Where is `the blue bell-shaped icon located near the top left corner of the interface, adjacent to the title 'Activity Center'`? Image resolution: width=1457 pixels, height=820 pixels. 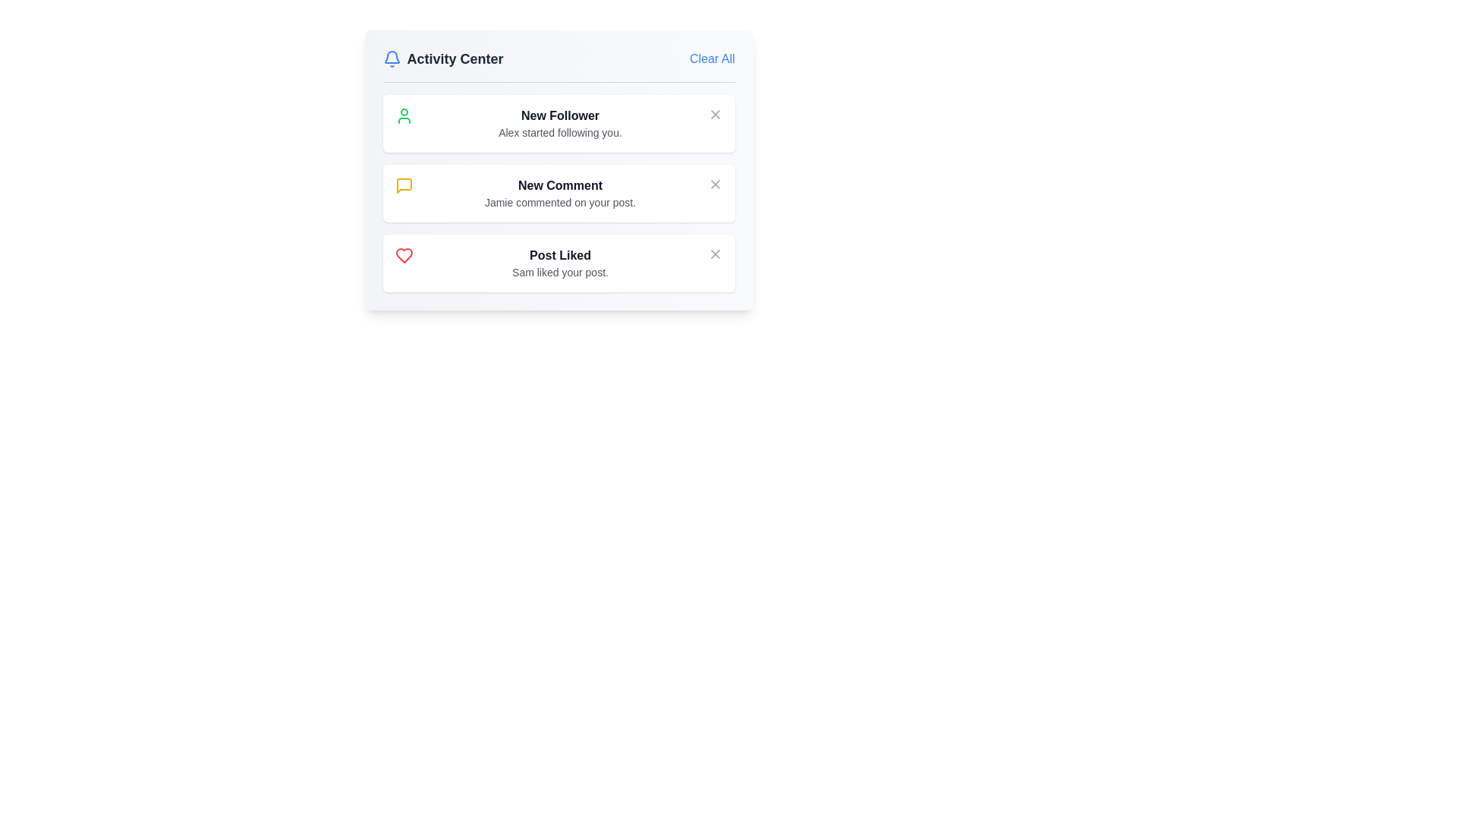
the blue bell-shaped icon located near the top left corner of the interface, adjacent to the title 'Activity Center' is located at coordinates (392, 56).